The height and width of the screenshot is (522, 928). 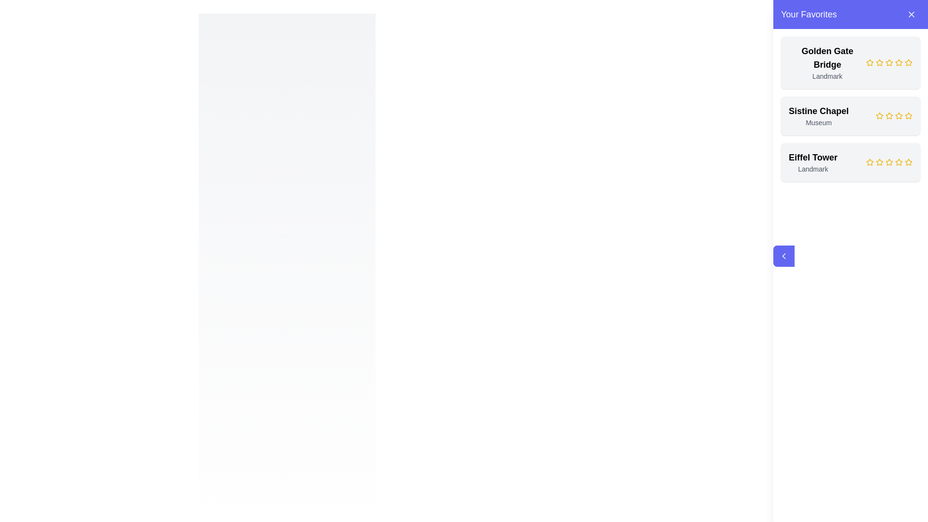 What do you see at coordinates (889, 63) in the screenshot?
I see `the fourth star icon in the rating system for the 'Golden Gate Bridge' entry within the 'Your Favorites' list` at bounding box center [889, 63].